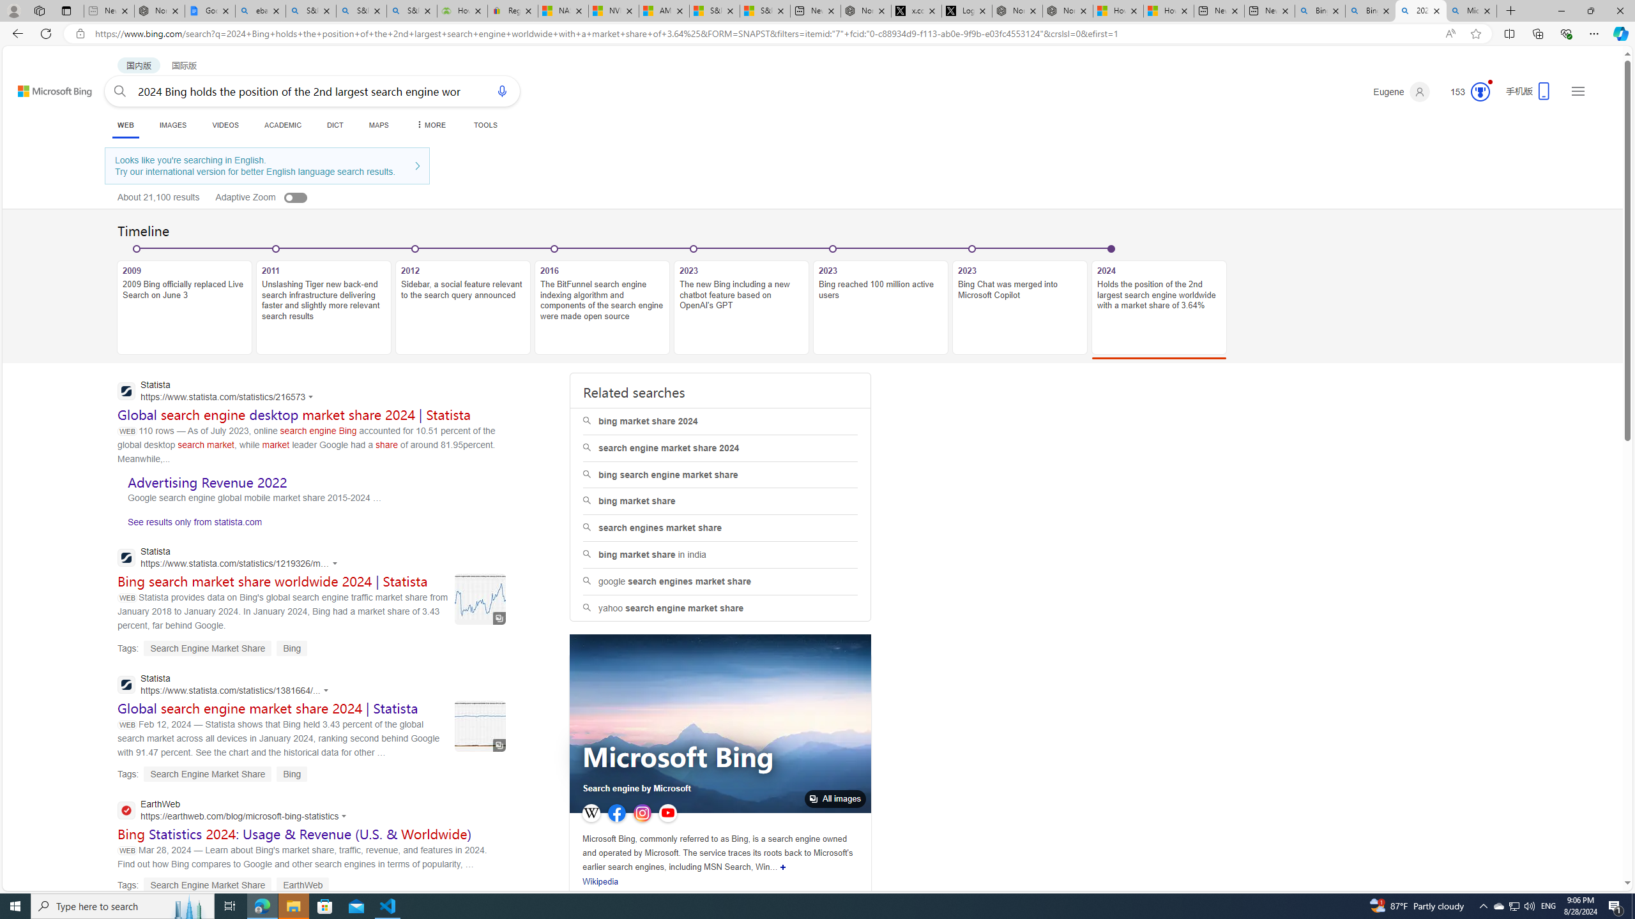 Image resolution: width=1635 pixels, height=919 pixels. What do you see at coordinates (273, 581) in the screenshot?
I see `'Bing search market share worldwide 2024 | Statista'` at bounding box center [273, 581].